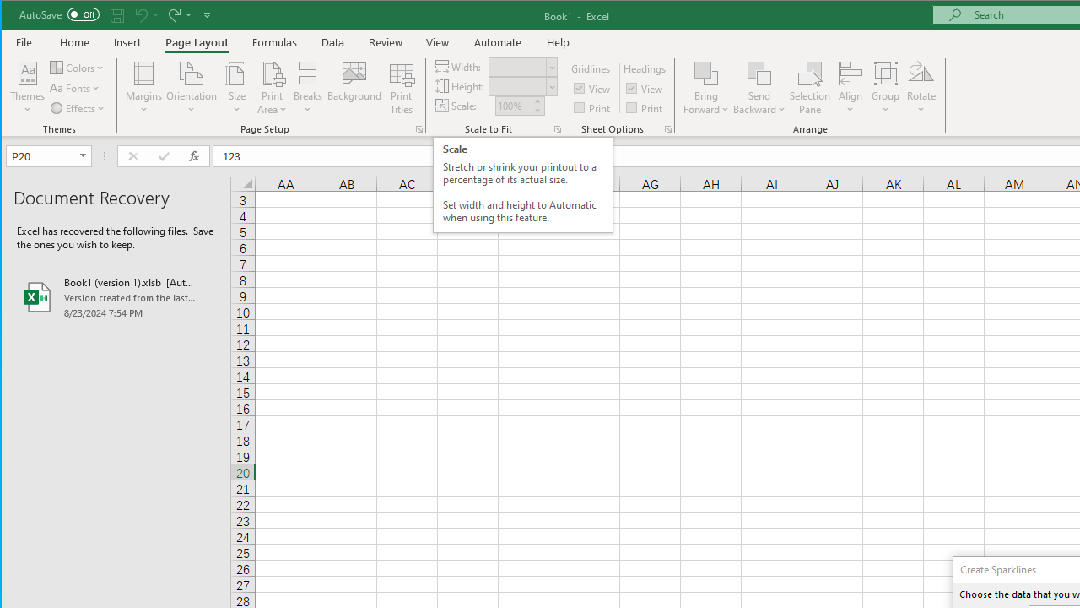 The height and width of the screenshot is (608, 1080). What do you see at coordinates (127, 41) in the screenshot?
I see `'Insert'` at bounding box center [127, 41].